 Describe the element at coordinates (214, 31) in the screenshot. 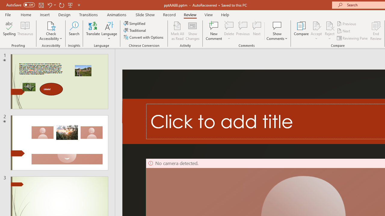

I see `'New Comment'` at that location.